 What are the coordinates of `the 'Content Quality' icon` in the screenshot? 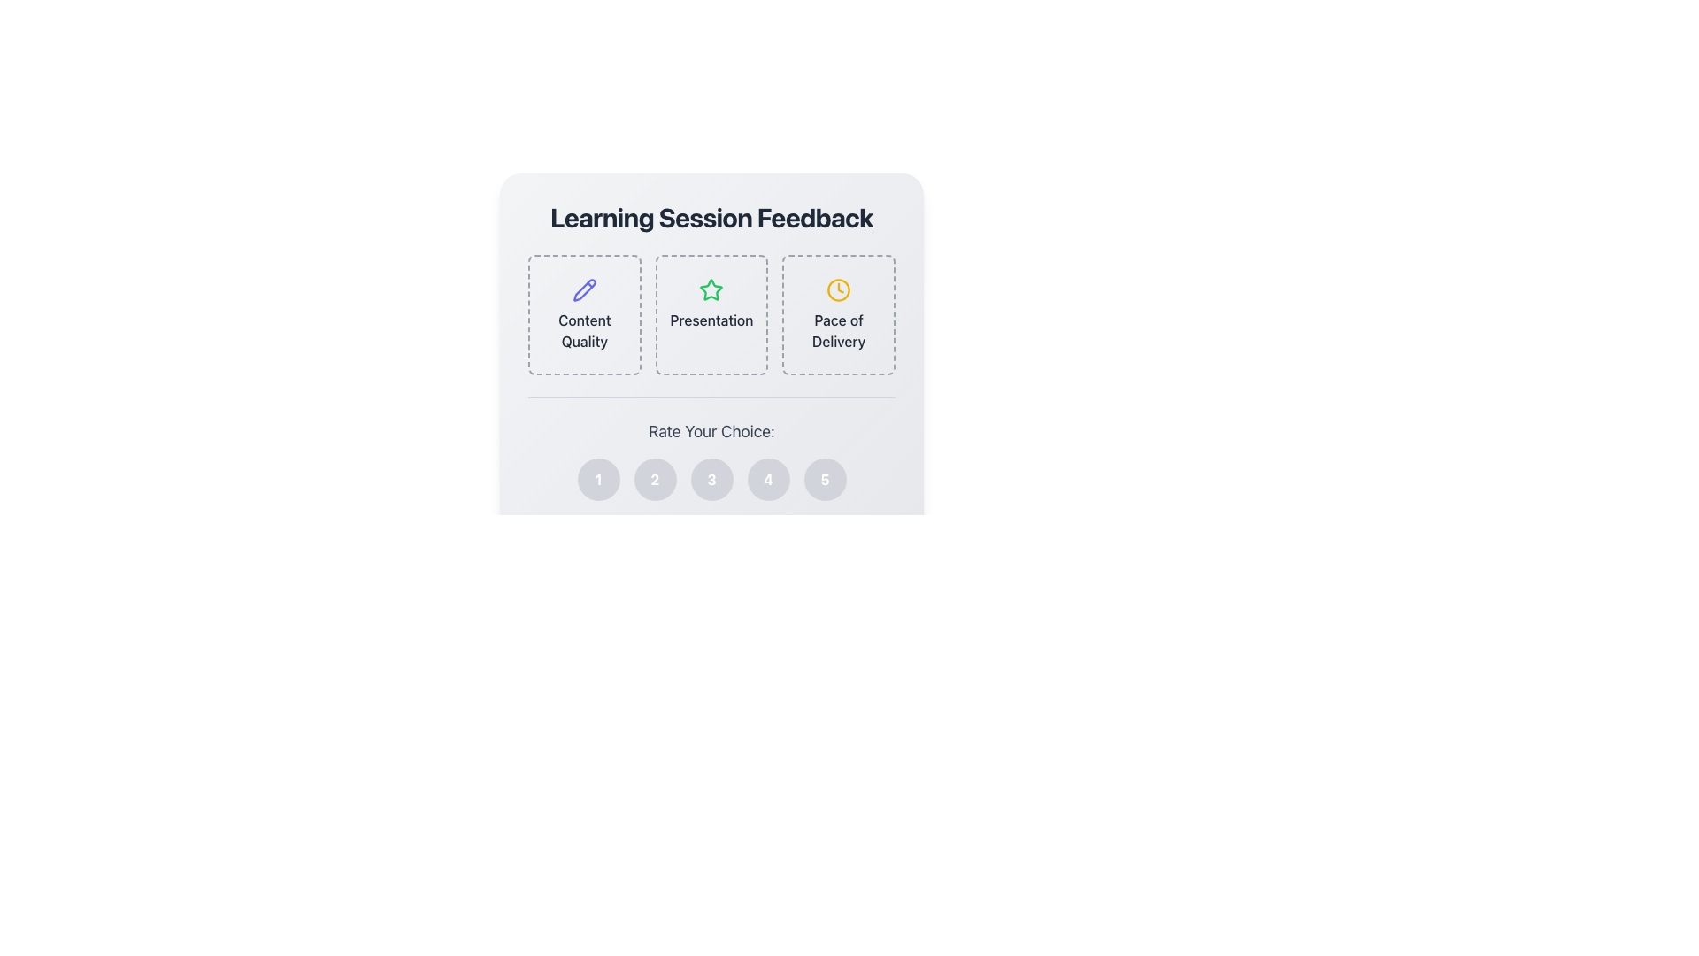 It's located at (584, 289).